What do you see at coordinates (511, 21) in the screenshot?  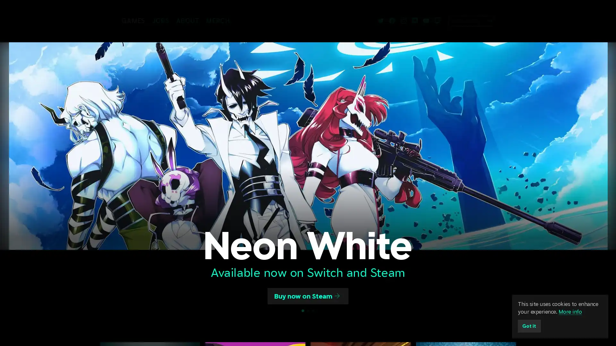 I see `->` at bounding box center [511, 21].